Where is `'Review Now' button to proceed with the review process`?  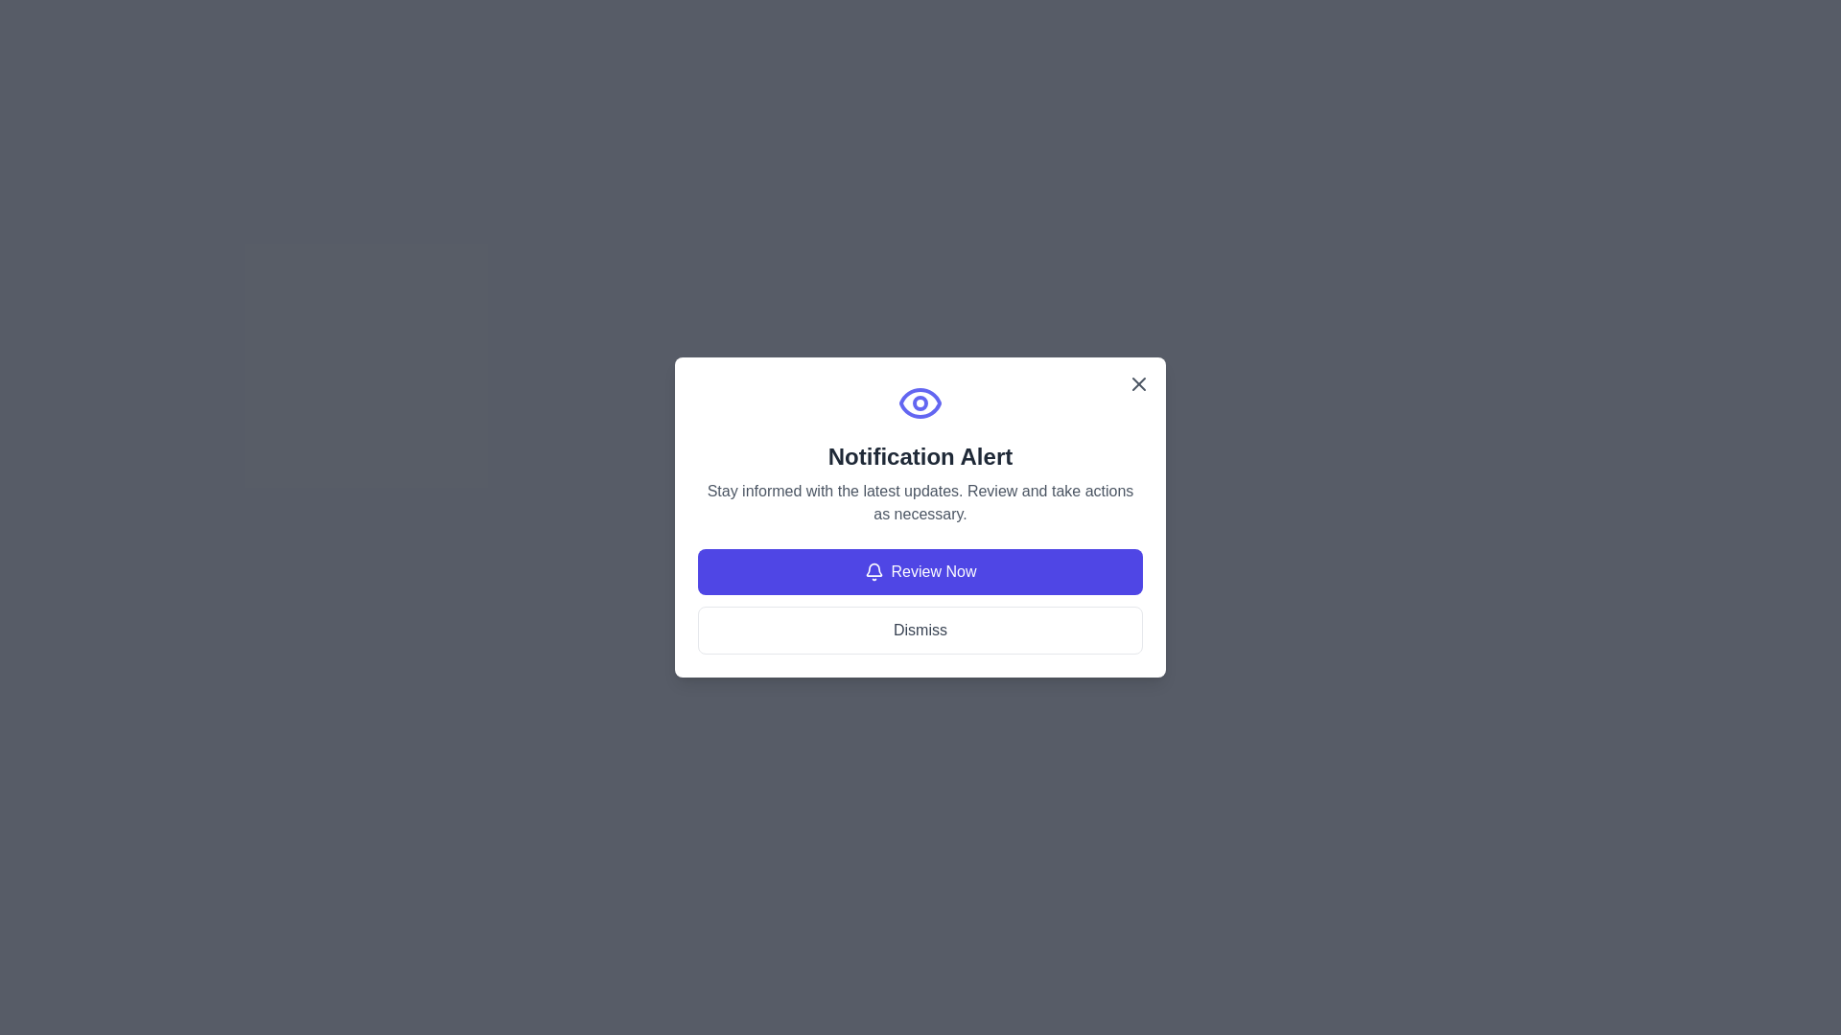
'Review Now' button to proceed with the review process is located at coordinates (920, 571).